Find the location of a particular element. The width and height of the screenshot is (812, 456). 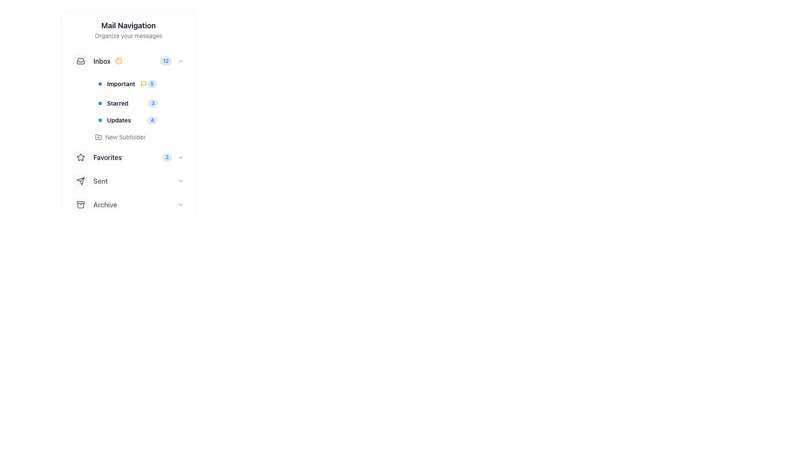

the star icon located in the left navigation menu under the 'Favorites' section to change its color is located at coordinates (81, 157).